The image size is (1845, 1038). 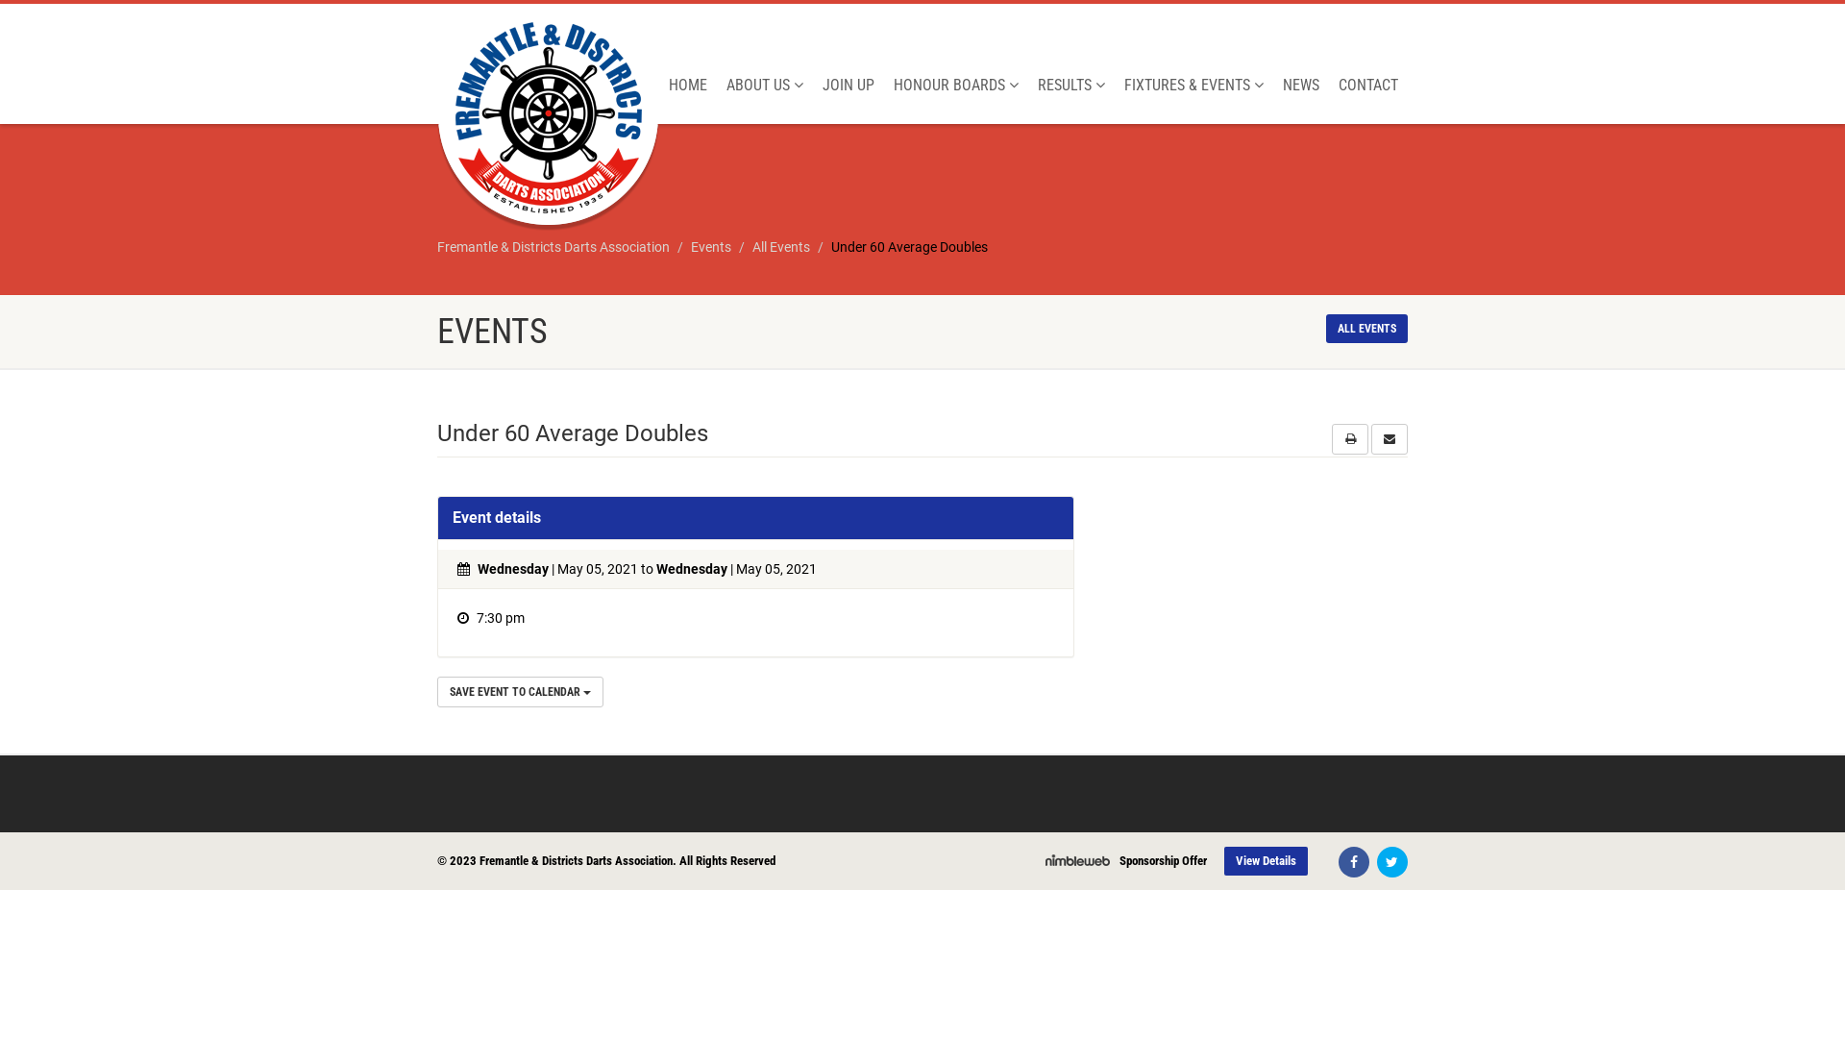 What do you see at coordinates (955, 84) in the screenshot?
I see `'HONOUR BOARDS'` at bounding box center [955, 84].